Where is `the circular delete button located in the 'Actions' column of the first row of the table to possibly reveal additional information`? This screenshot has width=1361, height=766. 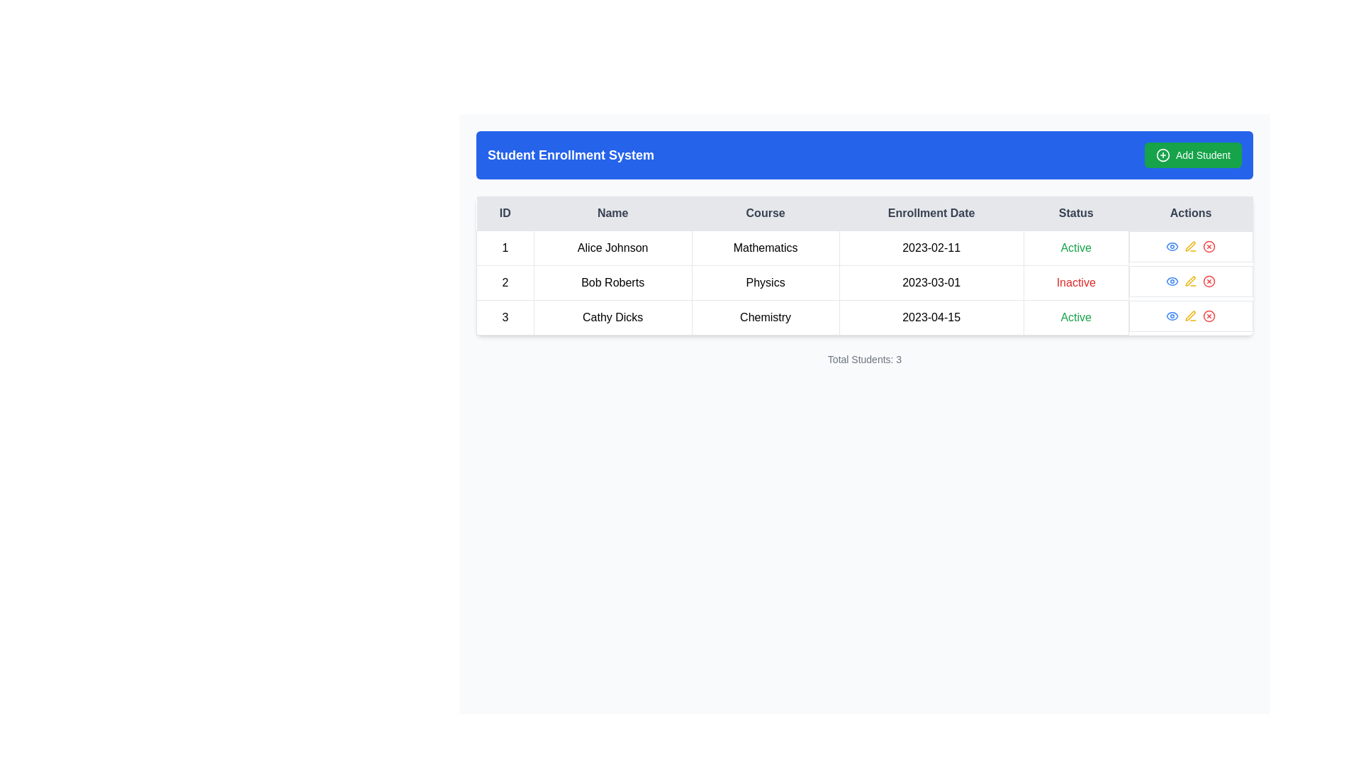 the circular delete button located in the 'Actions' column of the first row of the table to possibly reveal additional information is located at coordinates (1209, 245).